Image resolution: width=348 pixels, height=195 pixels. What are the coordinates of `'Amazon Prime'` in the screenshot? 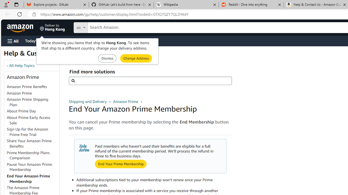 It's located at (19, 93).